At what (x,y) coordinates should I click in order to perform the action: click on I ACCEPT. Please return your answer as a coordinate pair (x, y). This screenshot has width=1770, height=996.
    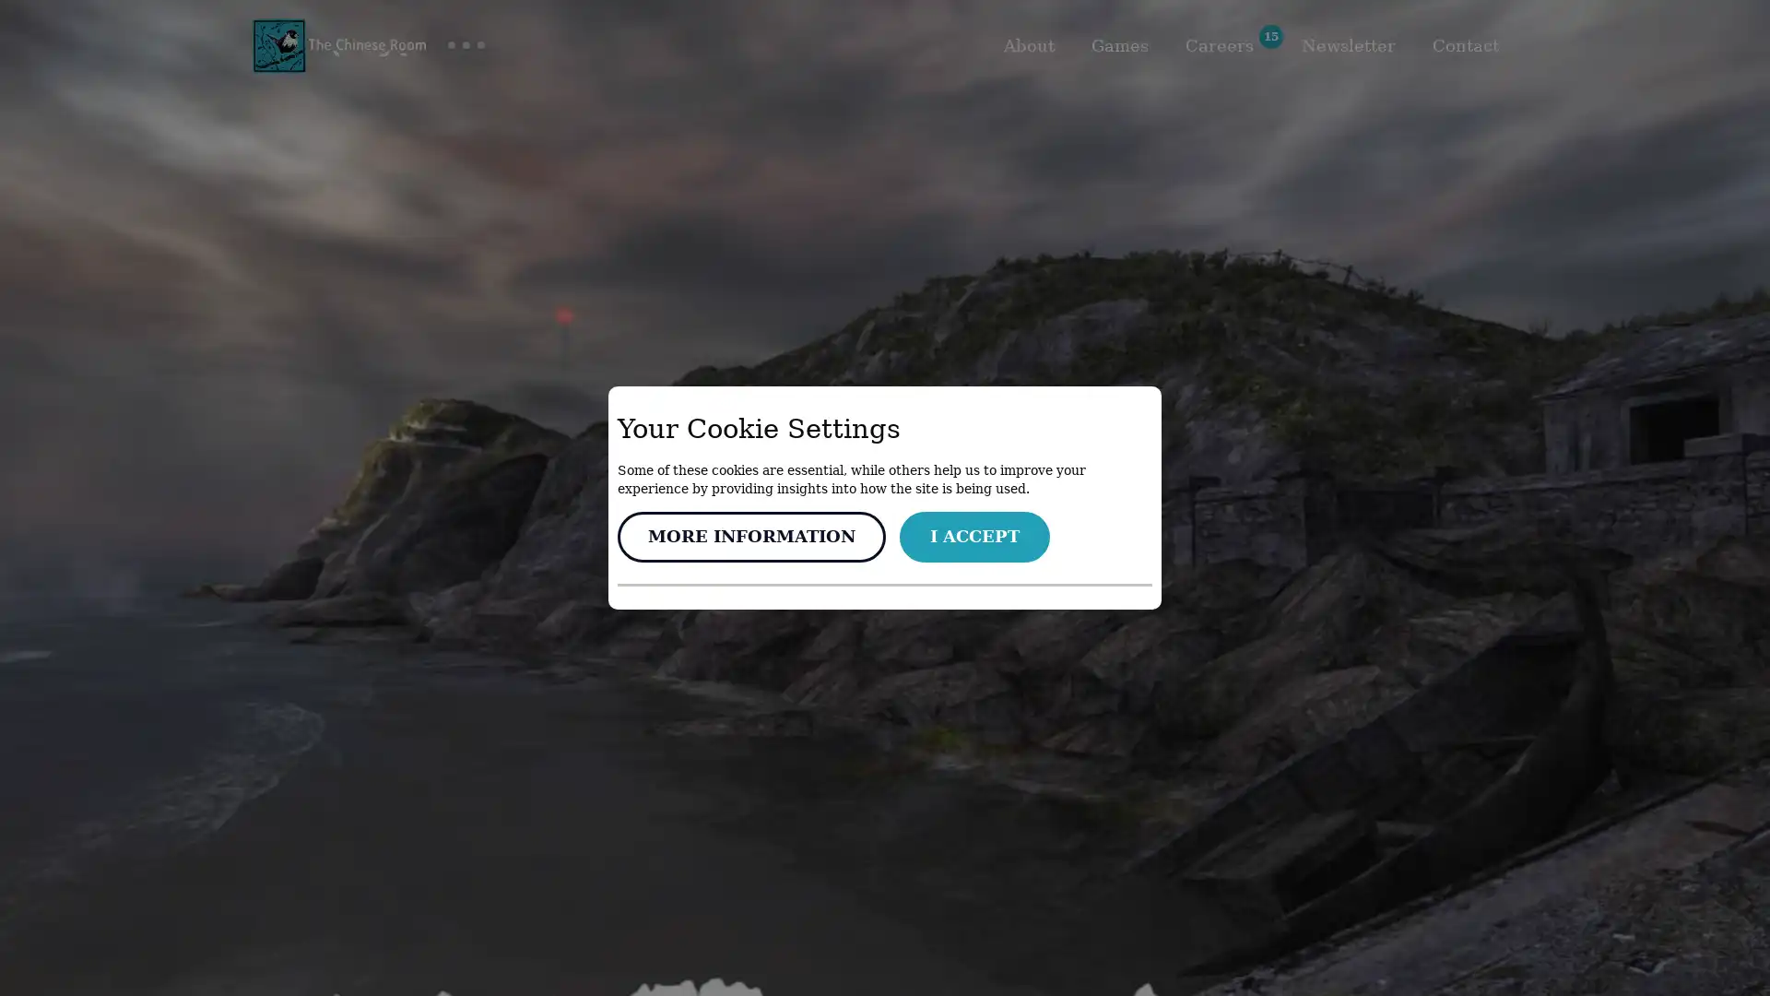
    Looking at the image, I should click on (973, 537).